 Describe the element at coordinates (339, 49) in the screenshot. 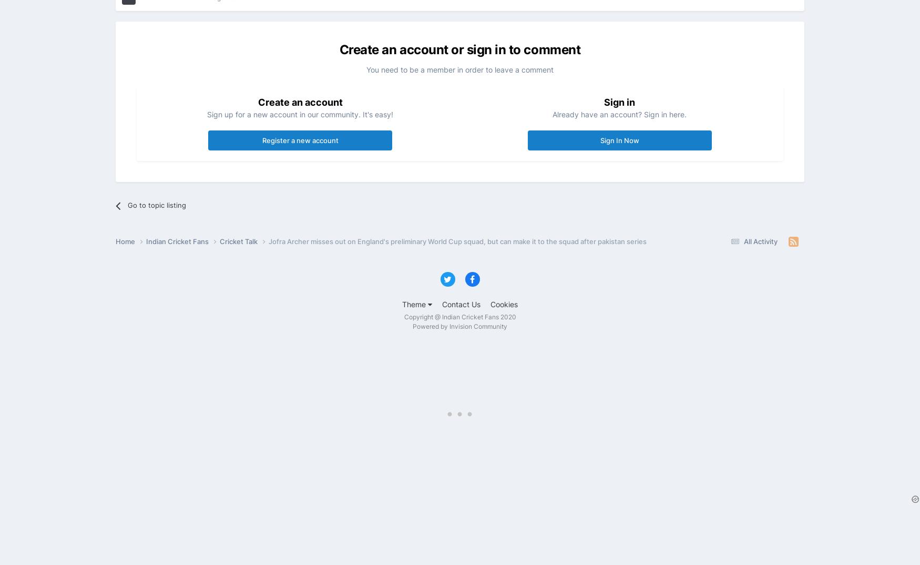

I see `'Create an account or sign in to comment'` at that location.